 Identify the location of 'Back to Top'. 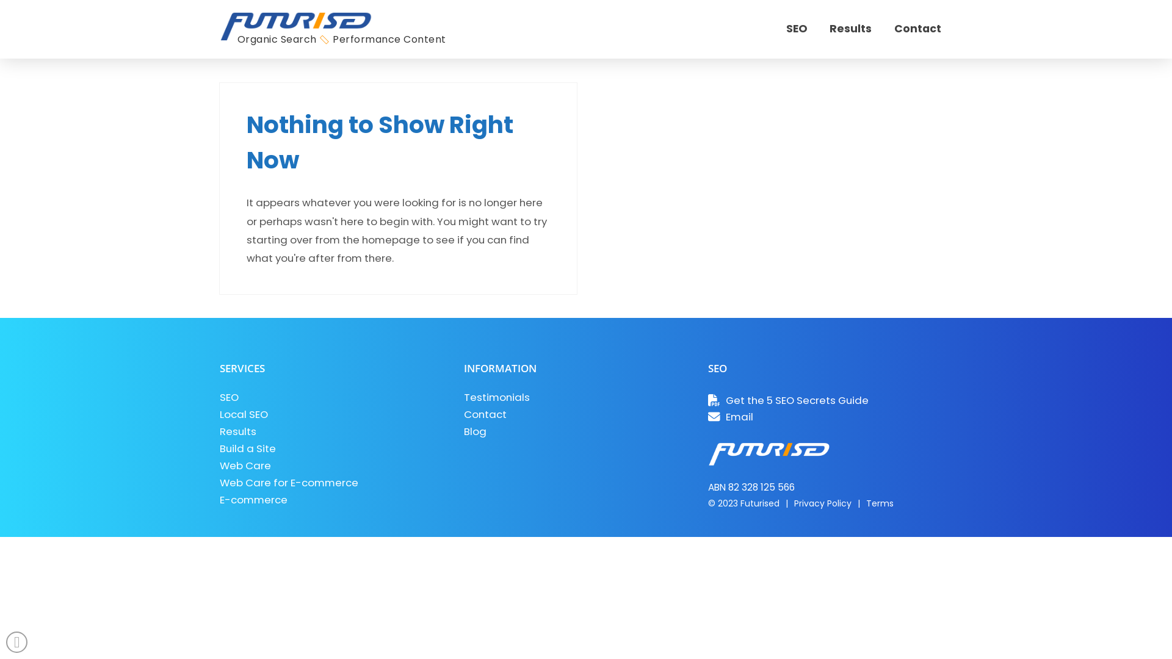
(16, 641).